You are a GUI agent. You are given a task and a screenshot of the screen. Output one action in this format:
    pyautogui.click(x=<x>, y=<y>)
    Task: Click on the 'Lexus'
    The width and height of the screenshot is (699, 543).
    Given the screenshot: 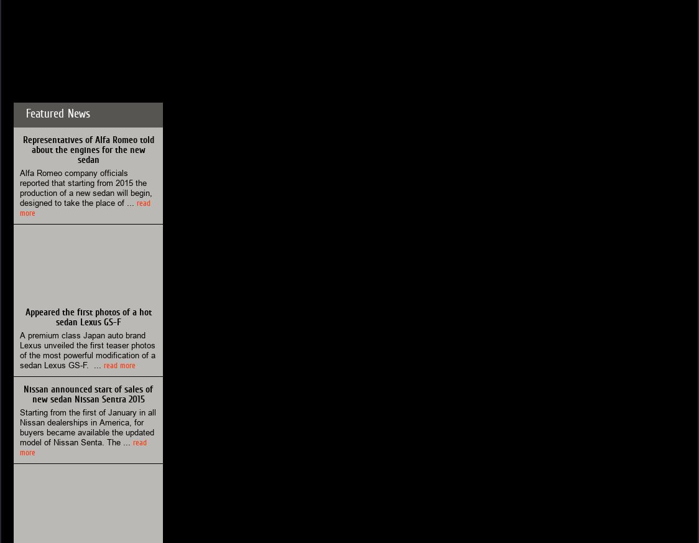 What is the action you would take?
    pyautogui.click(x=30, y=344)
    